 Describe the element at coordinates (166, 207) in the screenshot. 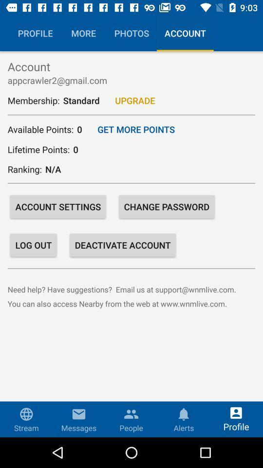

I see `icon to the right of the account settings icon` at that location.